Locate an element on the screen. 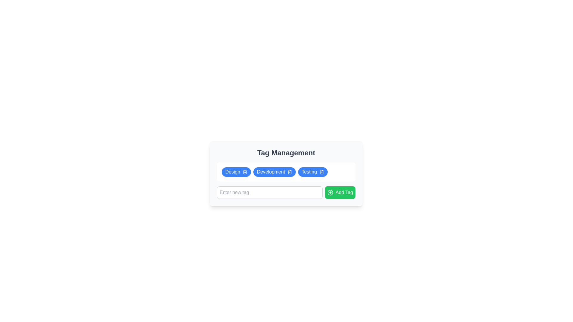 The height and width of the screenshot is (322, 573). the information visually by interacting with the decorative icon element located centrally within the green rectangular 'Add Tag' button in the Tag Management interface is located at coordinates (330, 192).